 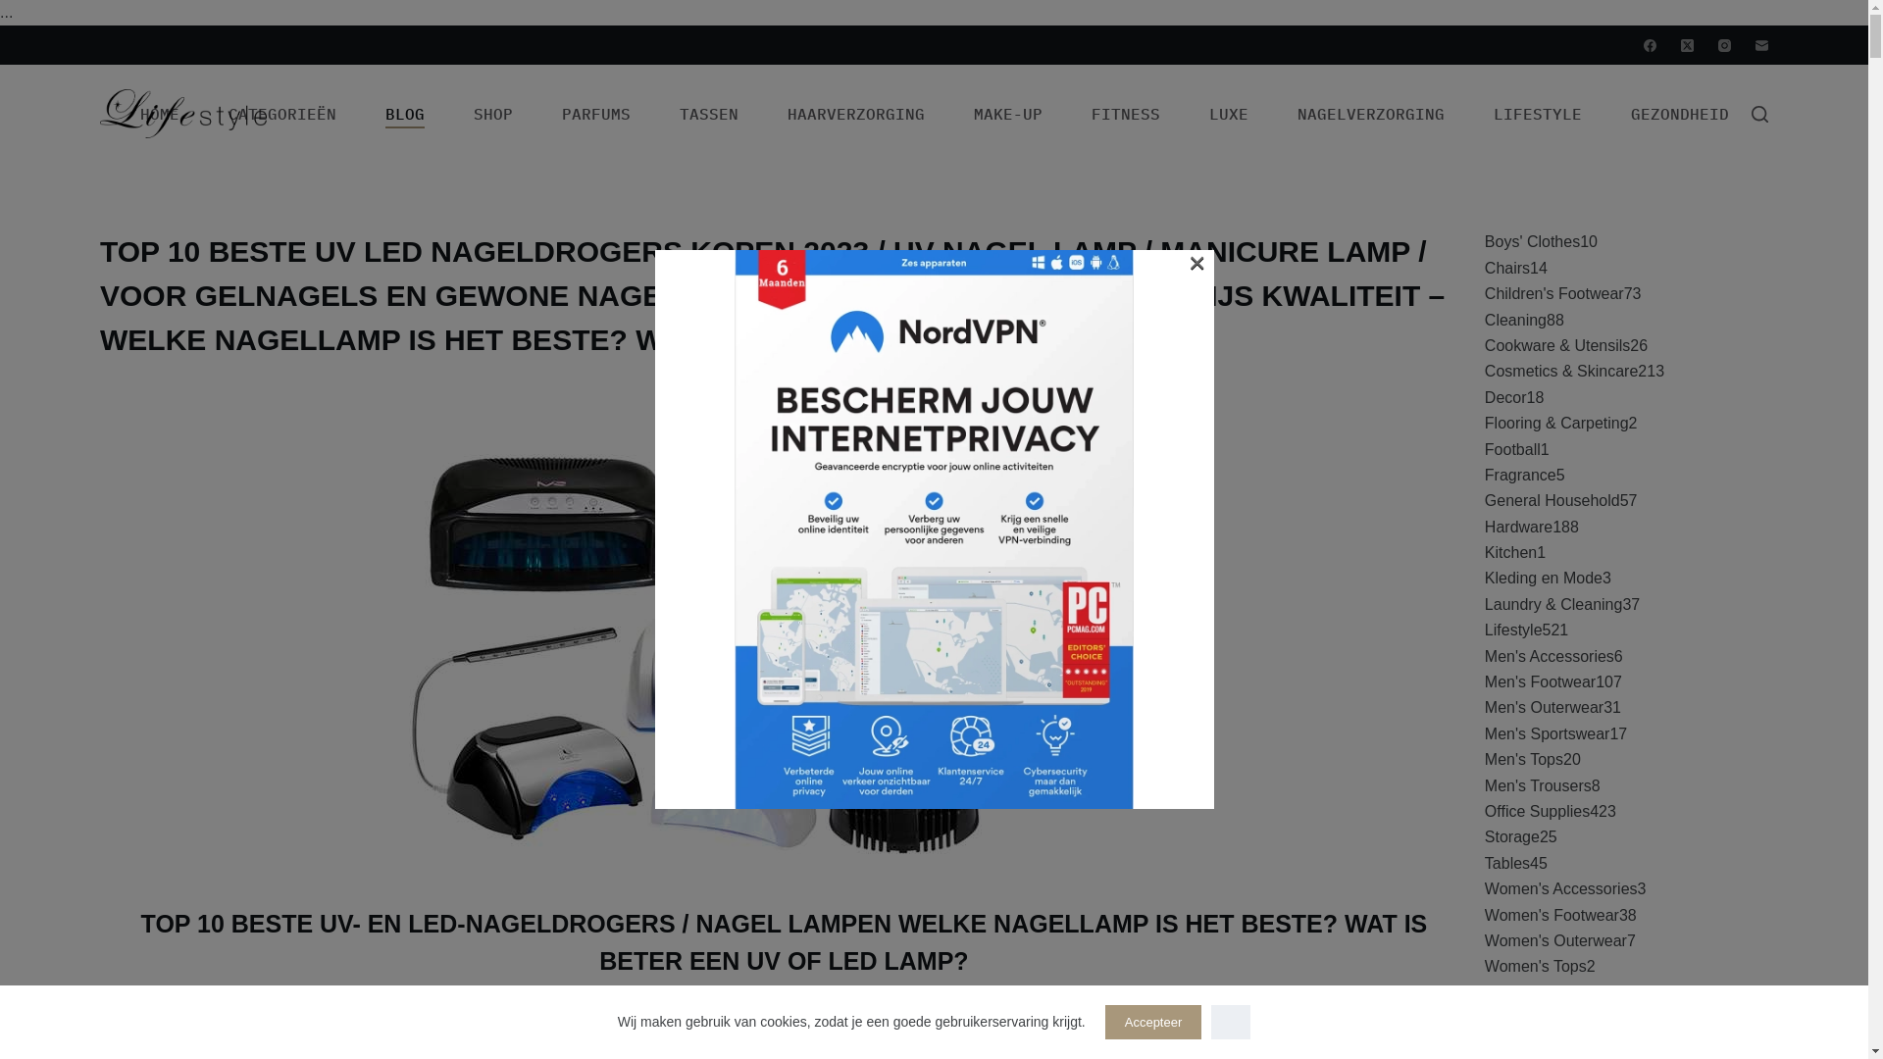 What do you see at coordinates (1537, 113) in the screenshot?
I see `'LIFESTYLE'` at bounding box center [1537, 113].